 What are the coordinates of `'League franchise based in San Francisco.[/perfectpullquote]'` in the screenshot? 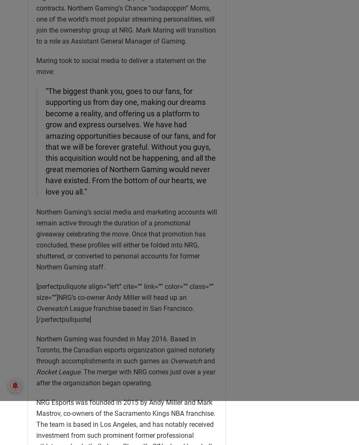 It's located at (115, 313).